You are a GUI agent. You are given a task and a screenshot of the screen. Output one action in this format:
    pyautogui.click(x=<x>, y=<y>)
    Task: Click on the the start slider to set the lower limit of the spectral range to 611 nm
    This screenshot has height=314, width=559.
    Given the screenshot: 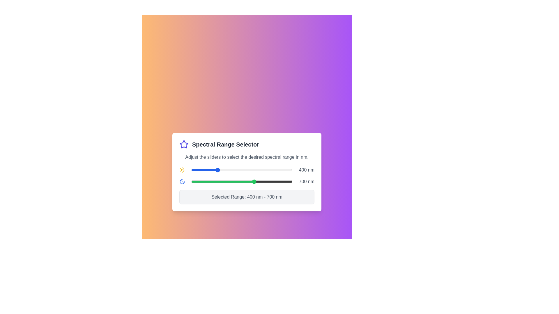 What is the action you would take?
    pyautogui.click(x=243, y=170)
    